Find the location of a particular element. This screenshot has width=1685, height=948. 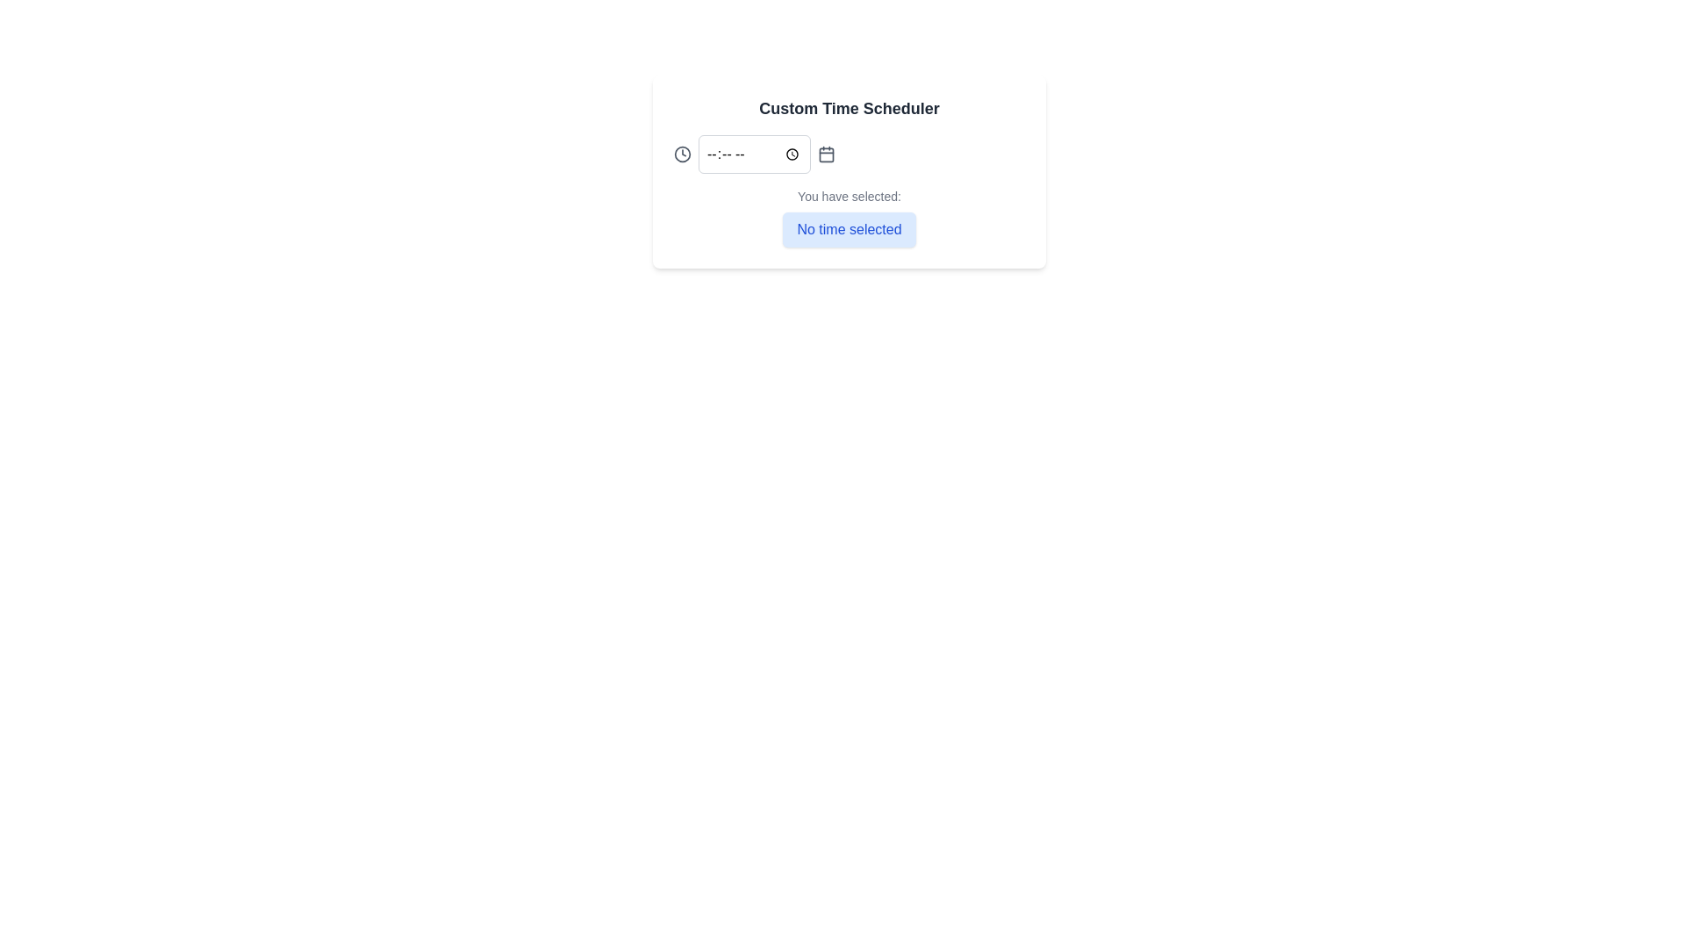

the circular outline of the clock icon located to the left of the time input field labeled with dashes ('--:--') to trigger a tooltip or visual effect is located at coordinates (681, 154).